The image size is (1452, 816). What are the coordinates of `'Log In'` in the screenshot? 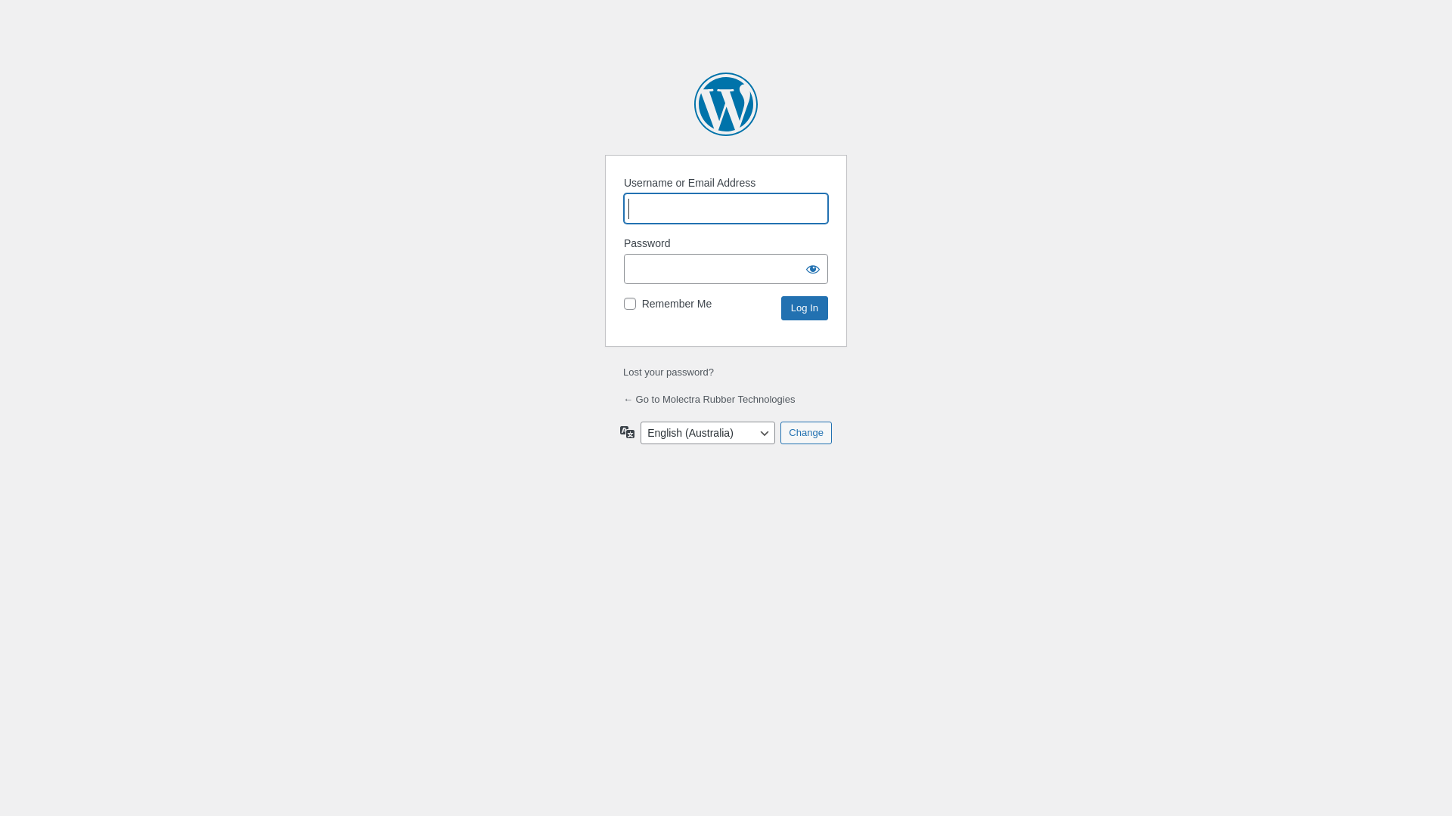 It's located at (804, 308).